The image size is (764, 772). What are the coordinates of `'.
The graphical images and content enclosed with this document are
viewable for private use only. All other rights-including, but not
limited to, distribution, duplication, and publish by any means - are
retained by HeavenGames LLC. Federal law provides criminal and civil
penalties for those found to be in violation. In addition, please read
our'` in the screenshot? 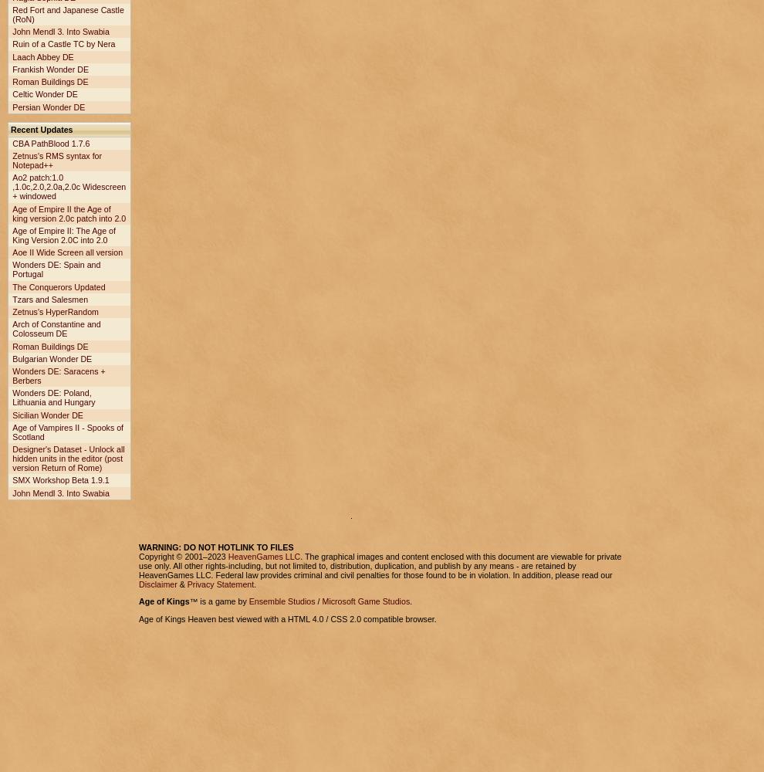 It's located at (380, 564).